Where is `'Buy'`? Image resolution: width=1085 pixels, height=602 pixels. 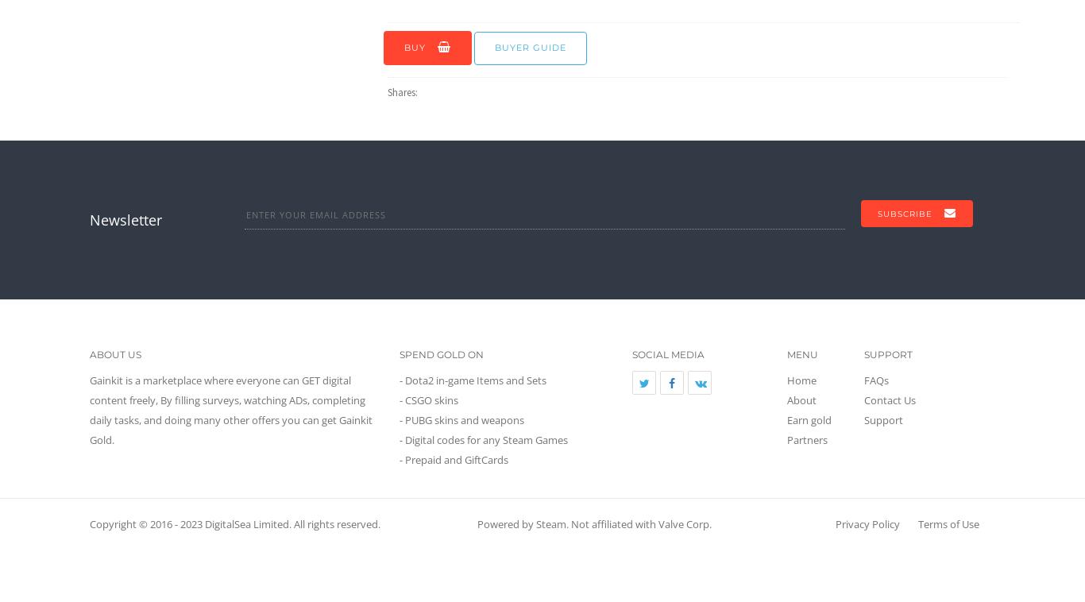
'Buy' is located at coordinates (415, 47).